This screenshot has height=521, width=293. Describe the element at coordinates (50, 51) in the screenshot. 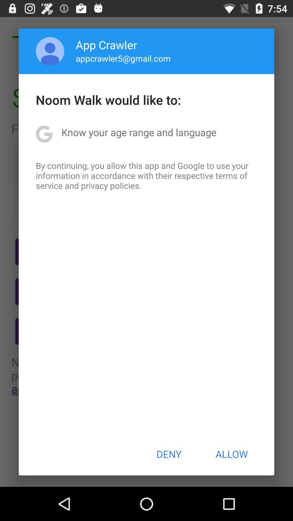

I see `item next to app crawler item` at that location.